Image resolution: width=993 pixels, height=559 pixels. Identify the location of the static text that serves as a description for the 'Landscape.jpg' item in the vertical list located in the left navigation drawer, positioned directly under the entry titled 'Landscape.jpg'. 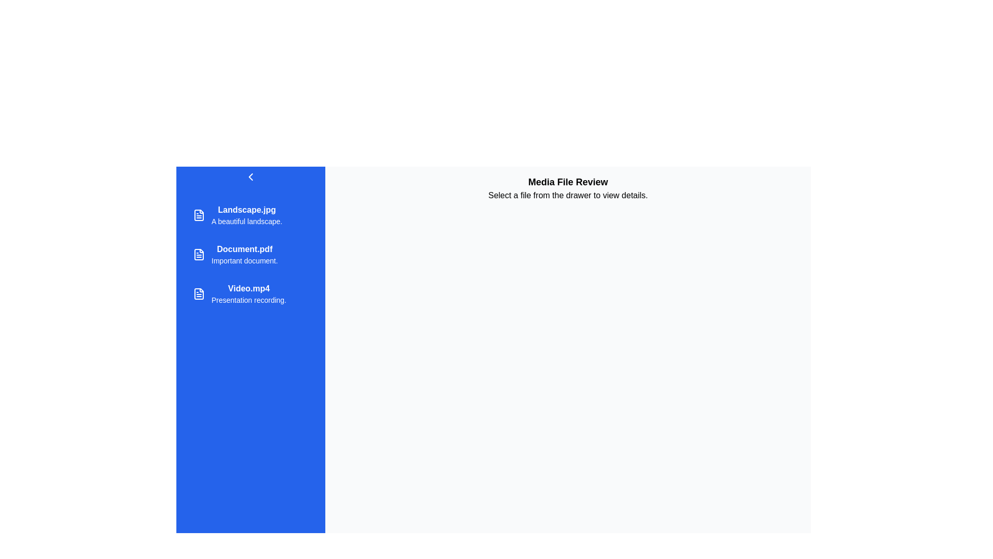
(246, 221).